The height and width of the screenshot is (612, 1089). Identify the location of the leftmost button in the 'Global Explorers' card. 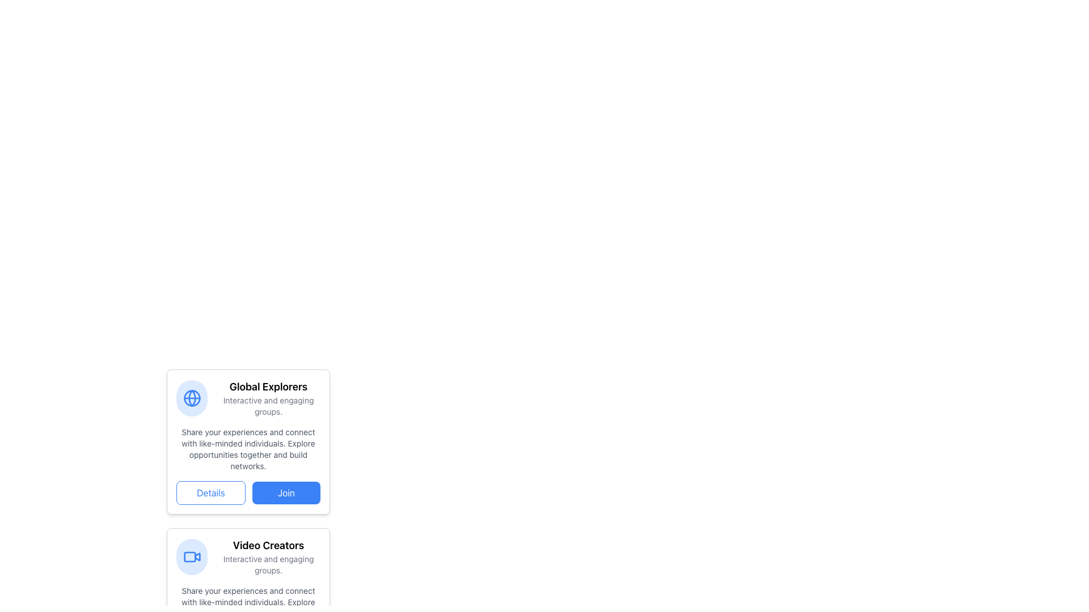
(211, 492).